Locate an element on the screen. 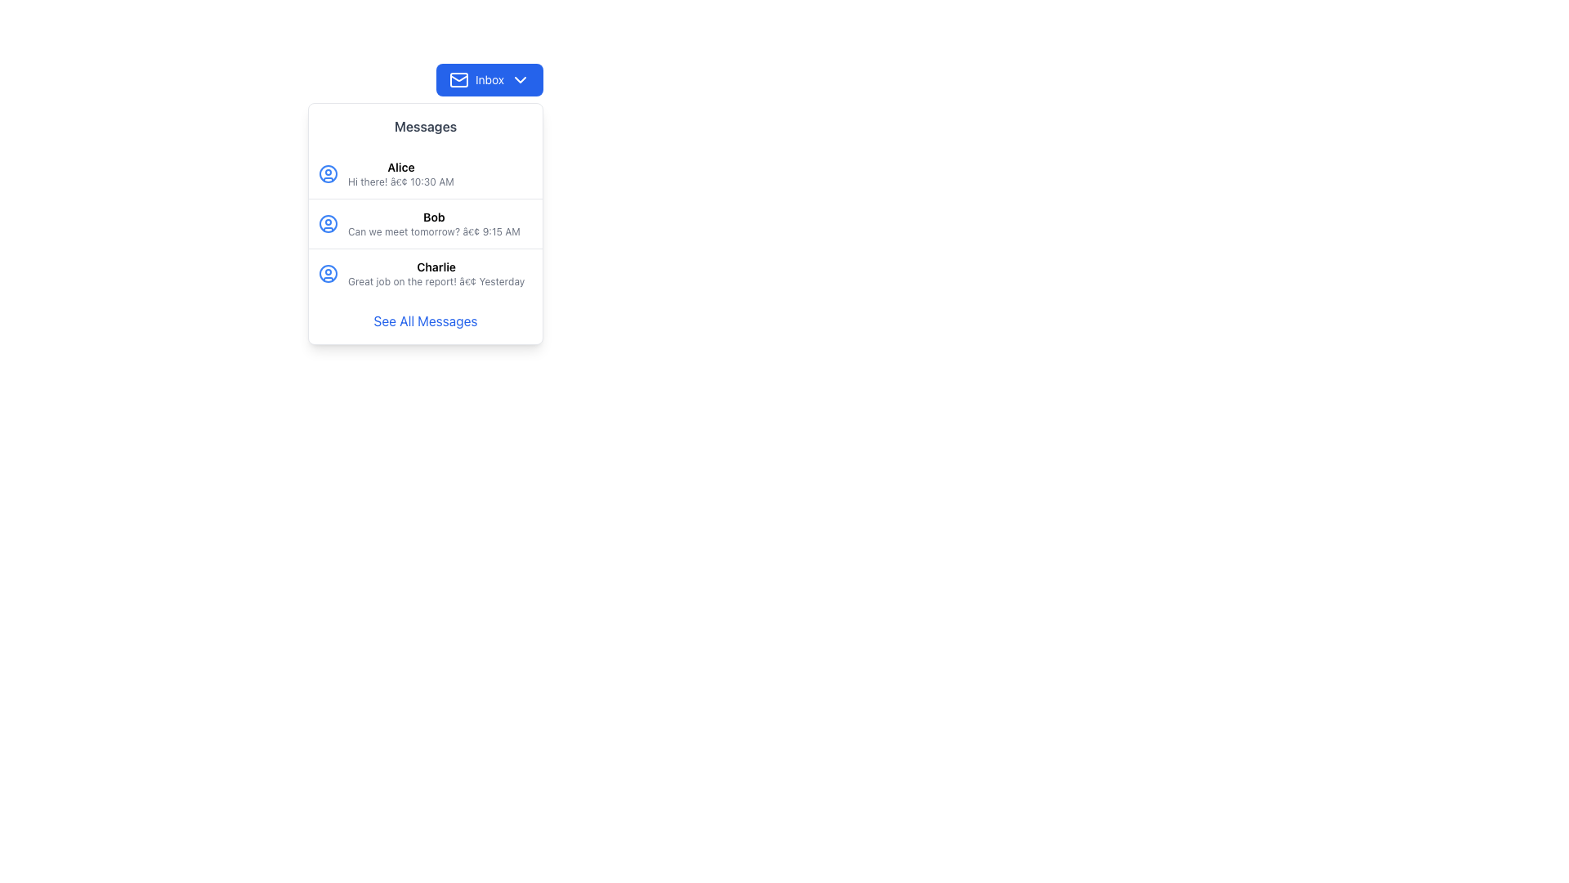 The width and height of the screenshot is (1569, 883). the Static text element that serves as a title or header for the card, which is located at the top of the card-like component is located at coordinates (426, 125).